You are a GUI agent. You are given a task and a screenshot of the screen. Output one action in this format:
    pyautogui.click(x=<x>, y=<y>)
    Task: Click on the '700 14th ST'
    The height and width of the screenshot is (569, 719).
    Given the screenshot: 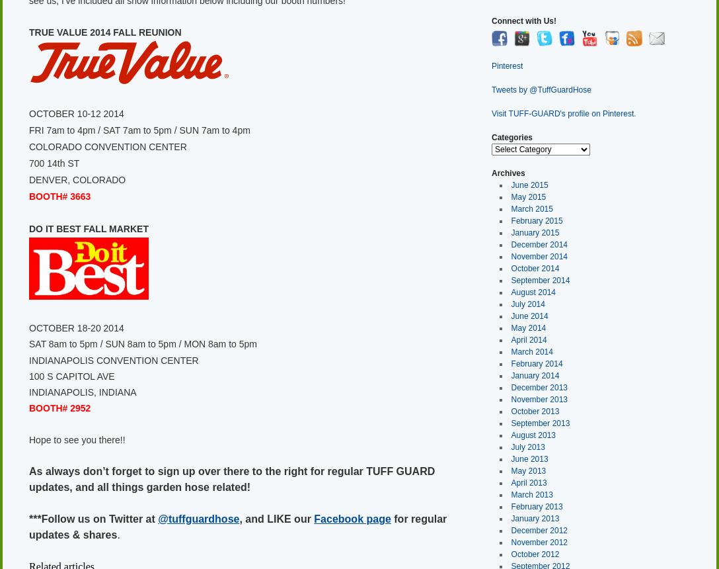 What is the action you would take?
    pyautogui.click(x=54, y=162)
    